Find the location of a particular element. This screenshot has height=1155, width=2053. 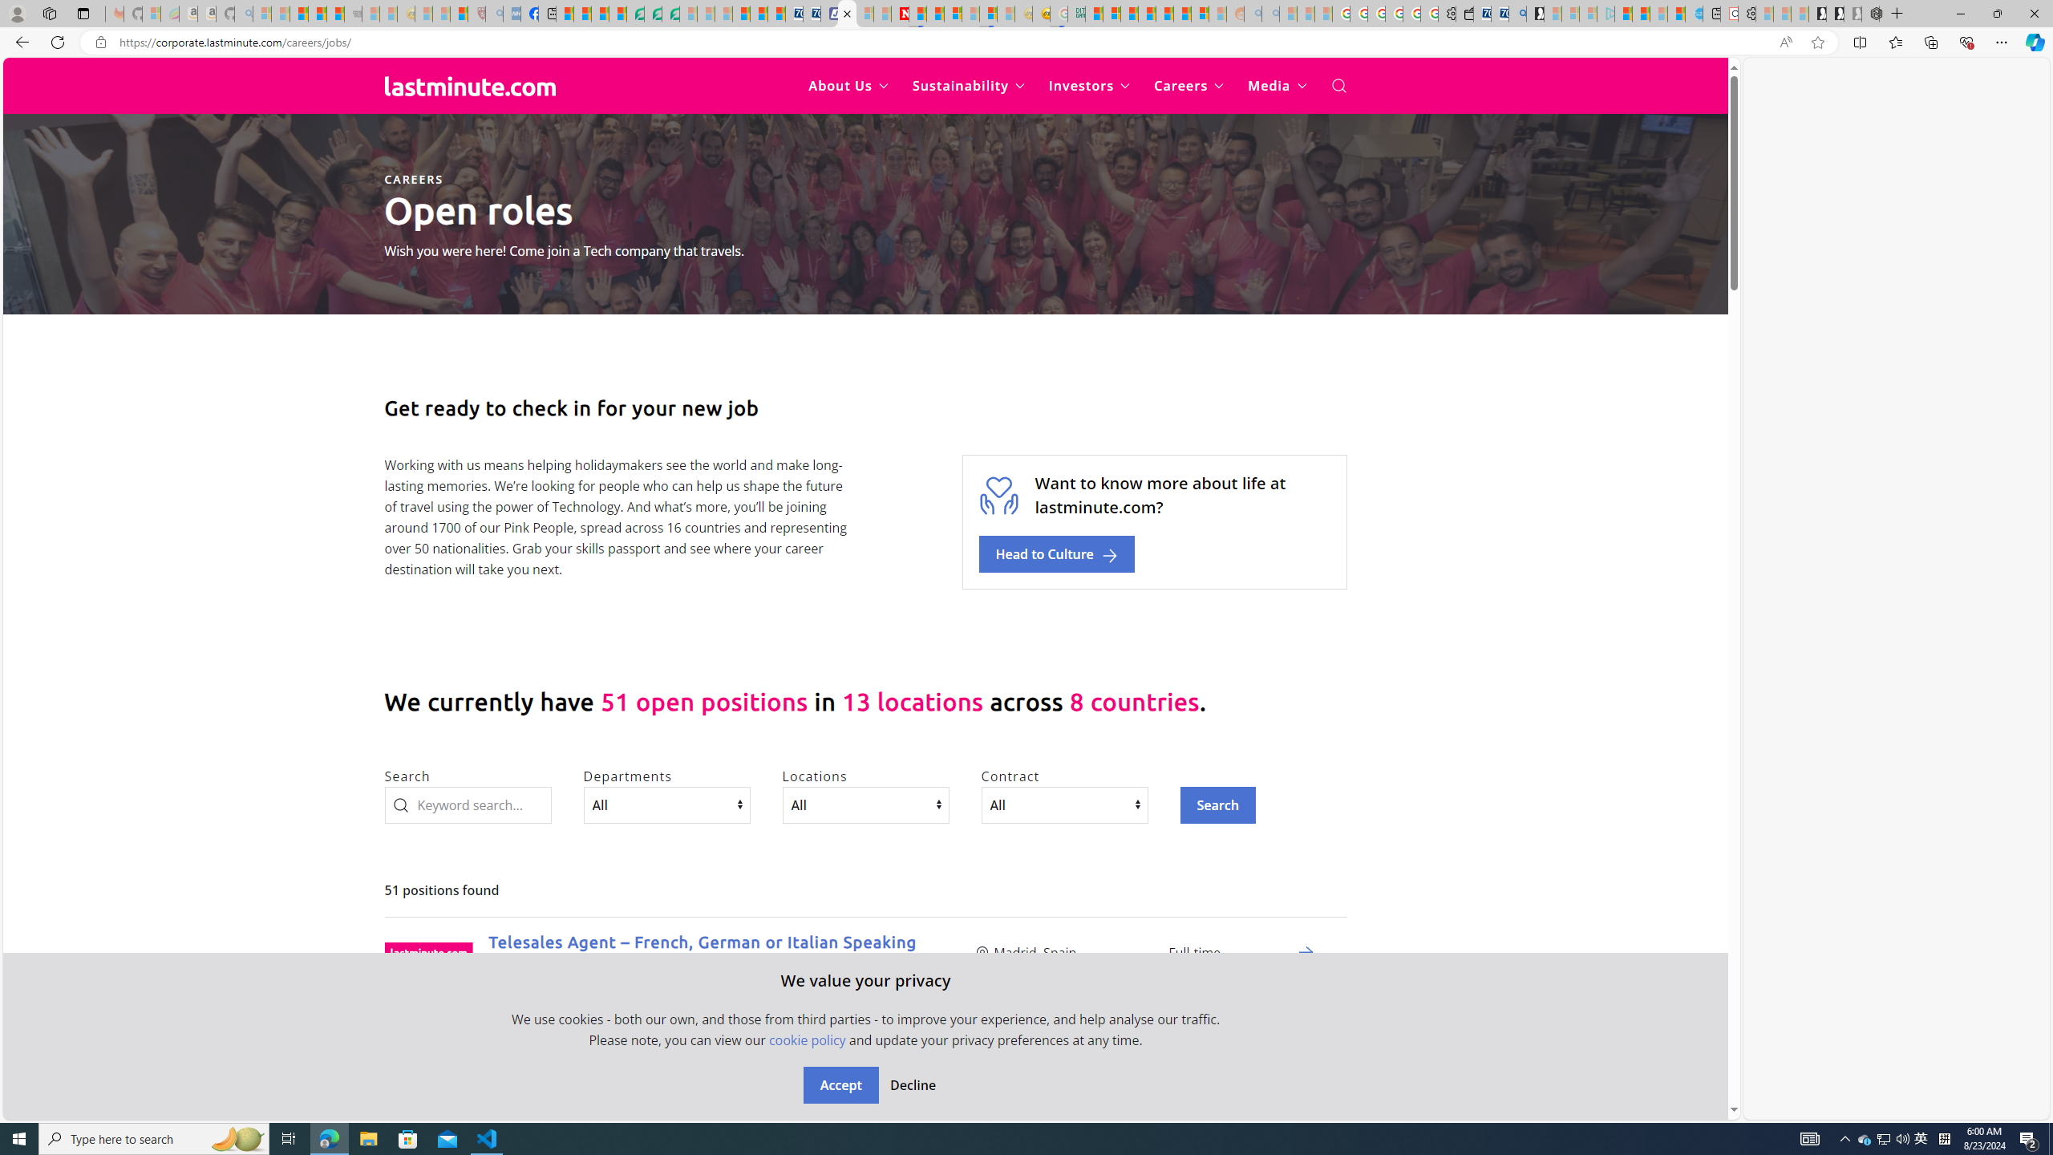

'Play Free Online Games | Games from Microsoft Start' is located at coordinates (1817, 13).